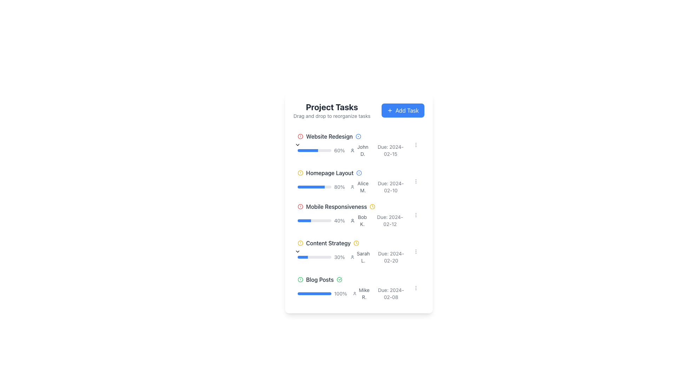 The image size is (674, 379). Describe the element at coordinates (359, 144) in the screenshot. I see `the first task item in the project management interface to perform actions like editing or deleting` at that location.